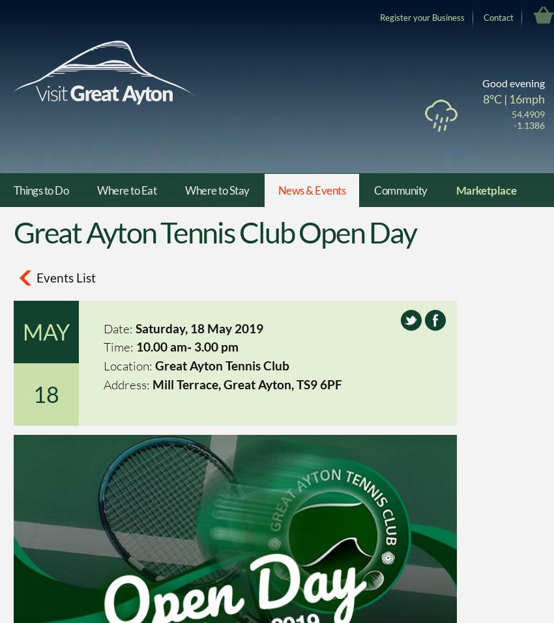 This screenshot has height=623, width=554. What do you see at coordinates (528, 114) in the screenshot?
I see `'54.4909'` at bounding box center [528, 114].